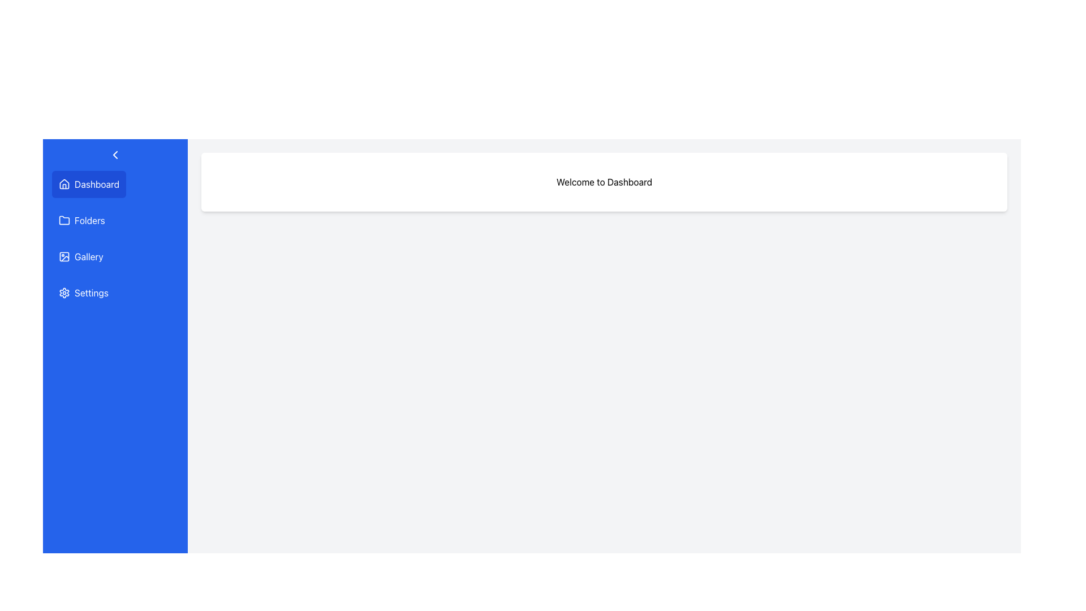 The height and width of the screenshot is (611, 1086). I want to click on the 'Folders' text label in the collapsible navigation menu, which is displayed in white font on a blue background, located to the left of a folder icon, so click(89, 220).